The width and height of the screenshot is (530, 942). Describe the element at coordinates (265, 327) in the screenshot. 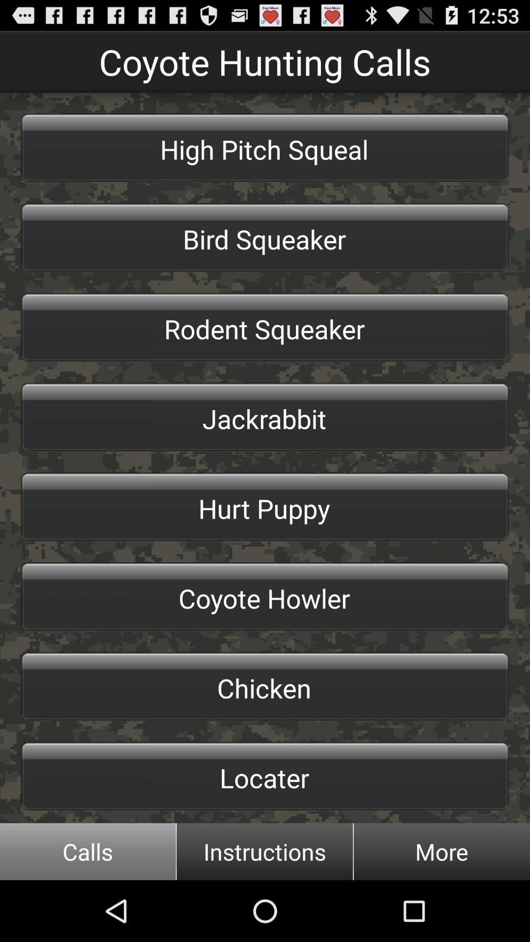

I see `the item below the bird squeaker item` at that location.